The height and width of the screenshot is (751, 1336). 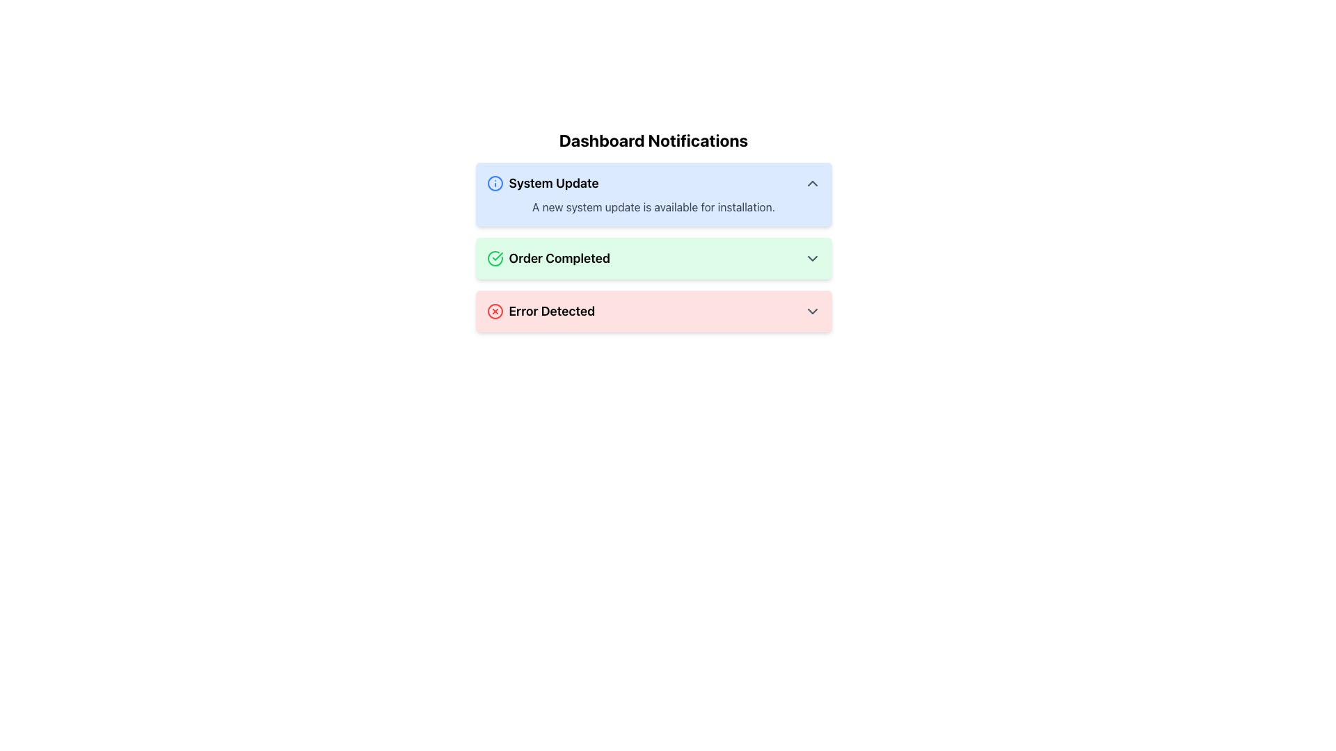 I want to click on the chevron icon located at the rightmost section of the 'Order Completed' notification box, so click(x=812, y=258).